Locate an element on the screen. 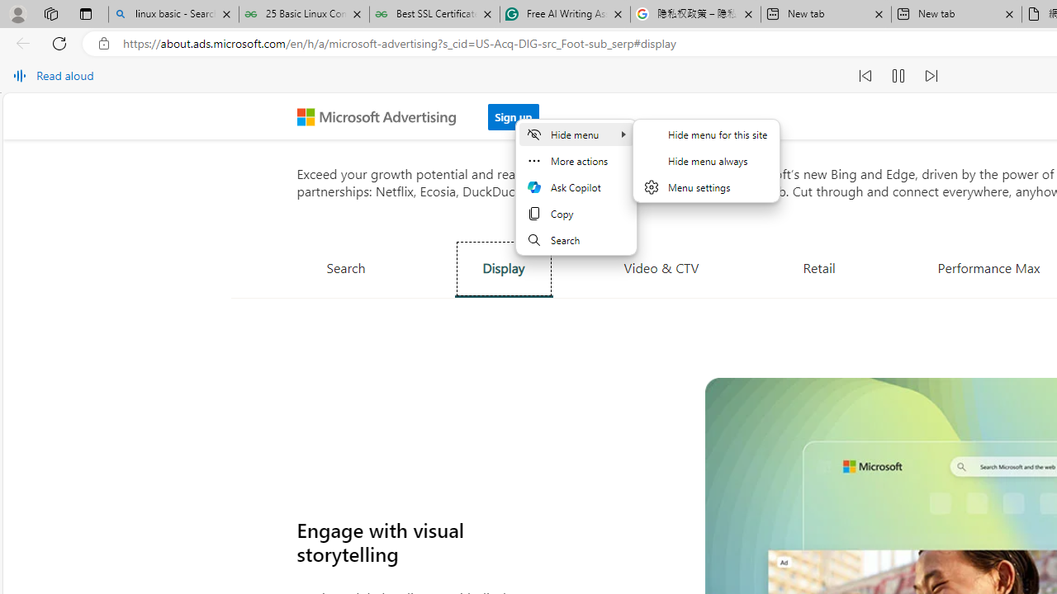 The image size is (1057, 594). 'Microsoft Advertising' is located at coordinates (382, 115).